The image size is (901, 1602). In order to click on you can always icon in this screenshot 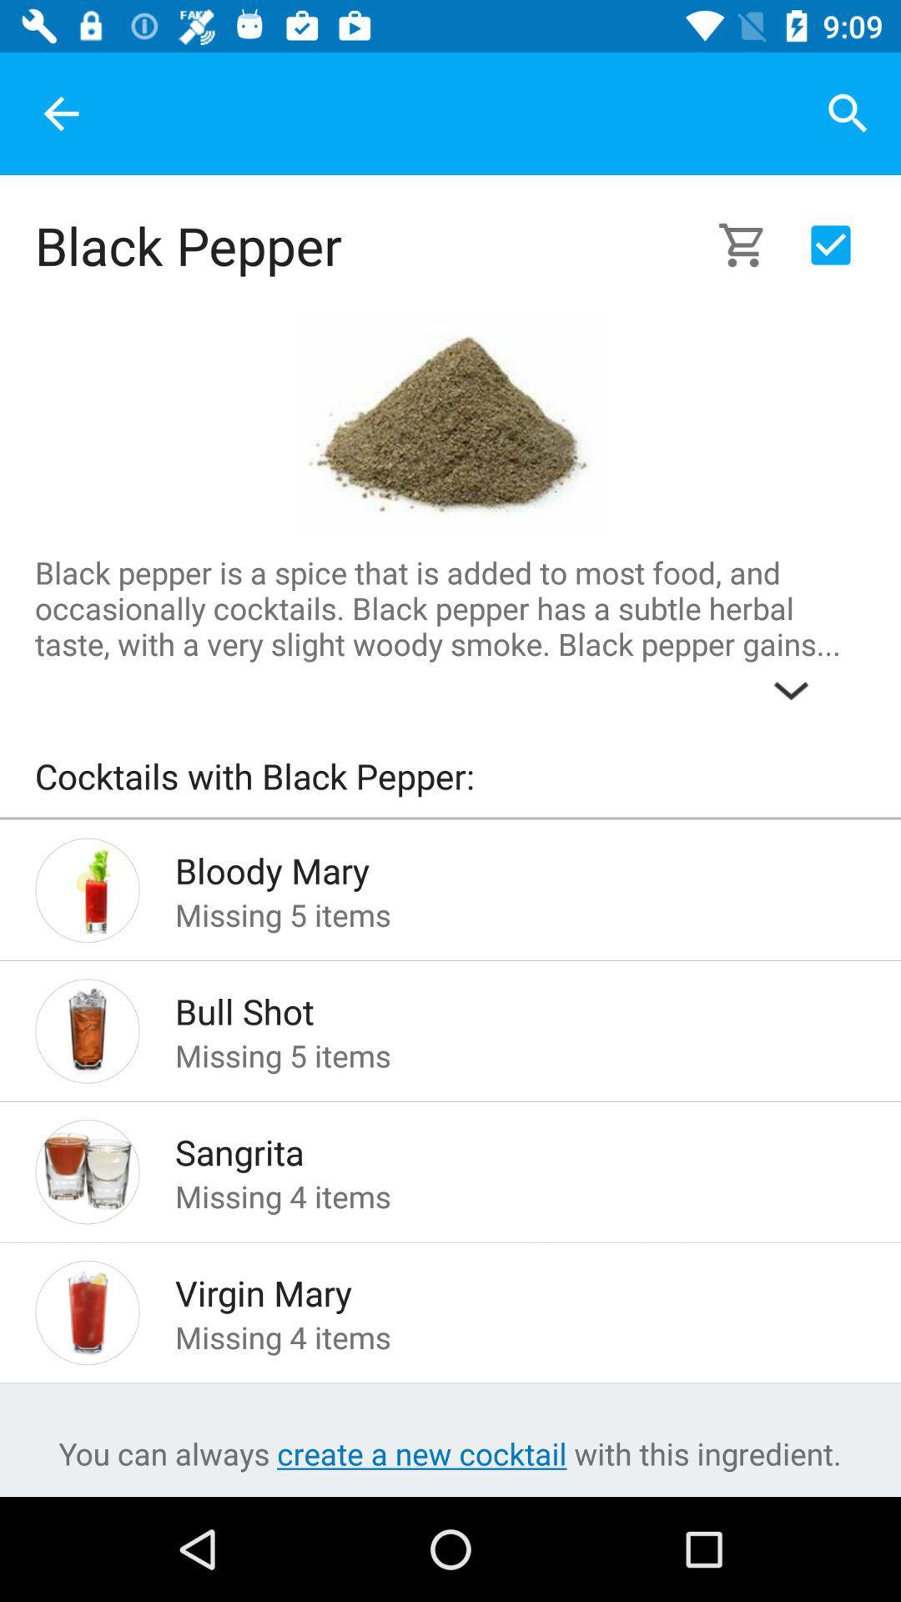, I will do `click(449, 1453)`.